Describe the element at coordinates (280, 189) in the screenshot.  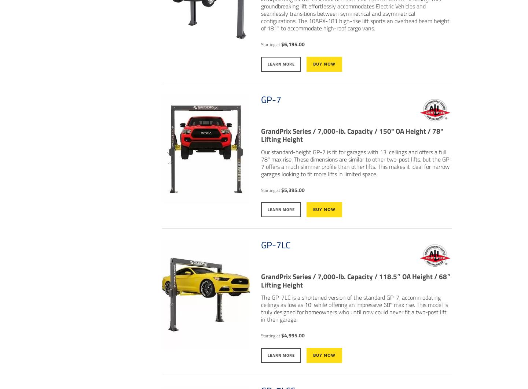
I see `'$5,395.00'` at that location.